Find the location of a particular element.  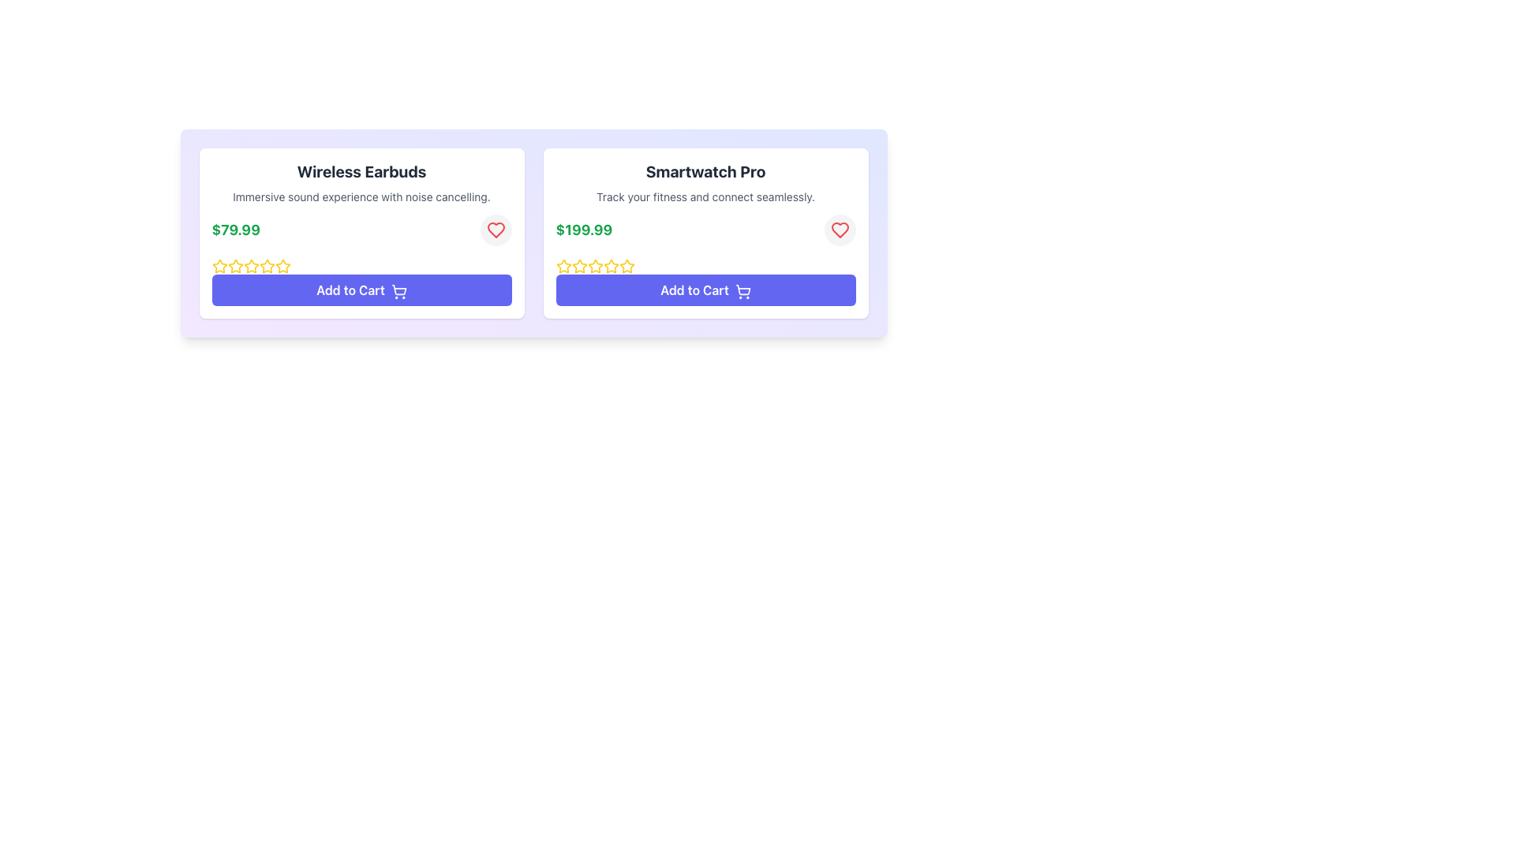

the non-interactive label displaying the text 'Immersive sound experience with noise cancelling.' which is styled with a small font size and gray color, positioned below the title 'Wireless Earbuds' is located at coordinates (361, 196).